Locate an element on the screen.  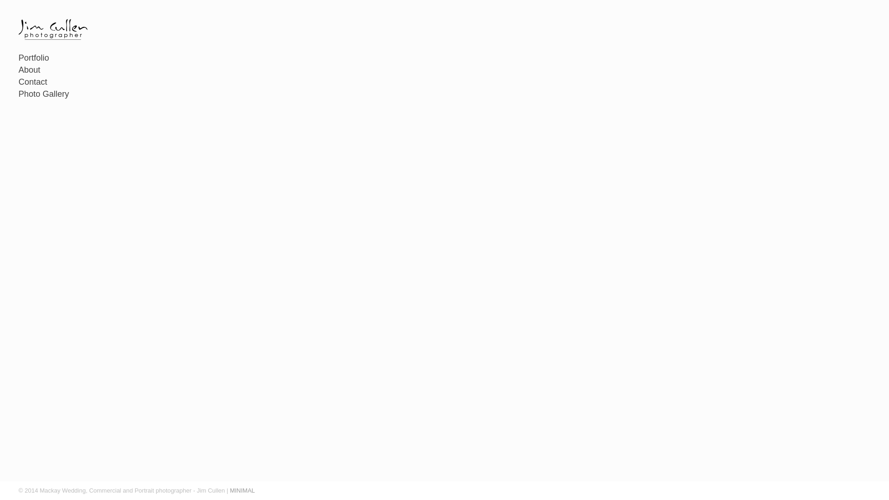
'About' is located at coordinates (53, 69).